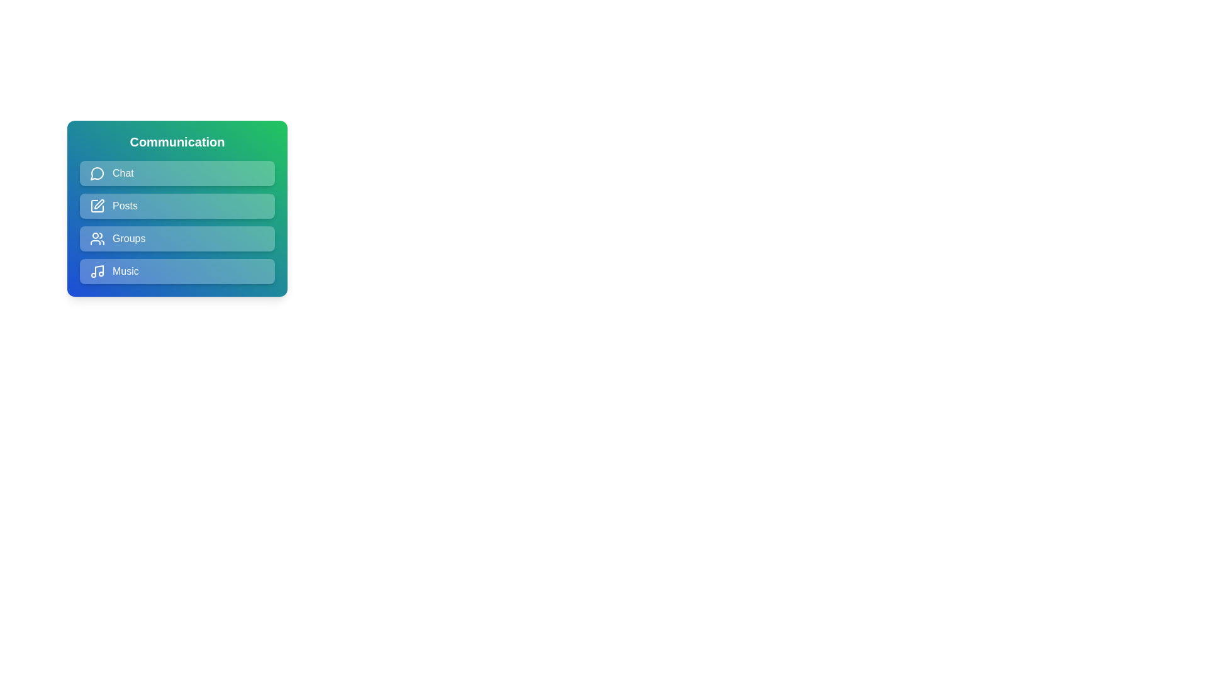  What do you see at coordinates (177, 205) in the screenshot?
I see `the menu item labeled Posts` at bounding box center [177, 205].